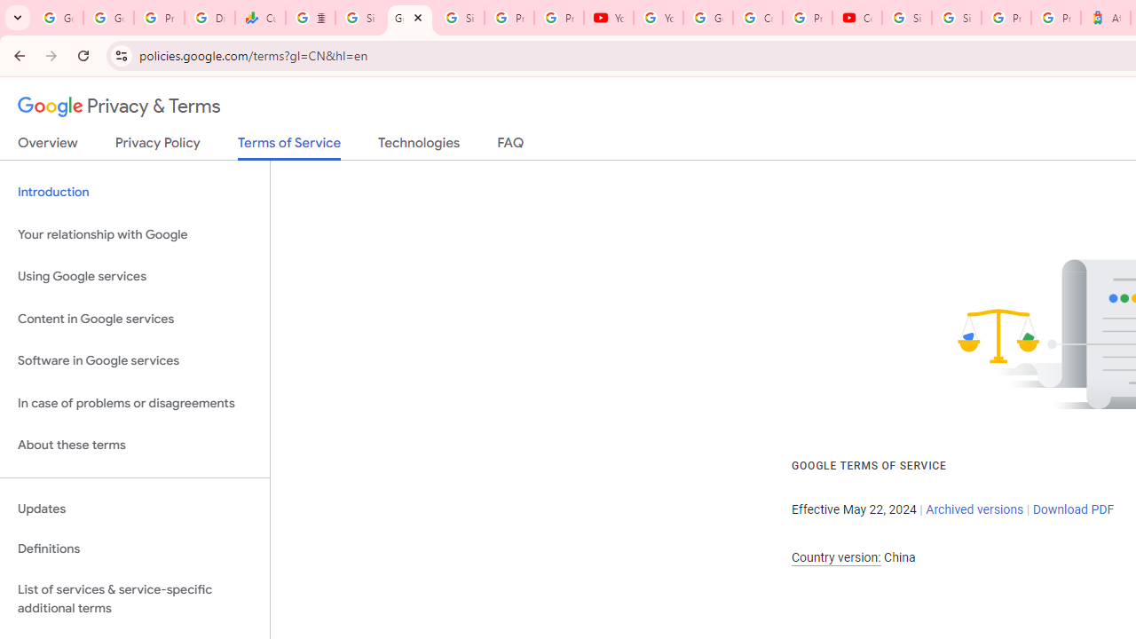 The width and height of the screenshot is (1136, 639). I want to click on 'YouTube', so click(658, 18).